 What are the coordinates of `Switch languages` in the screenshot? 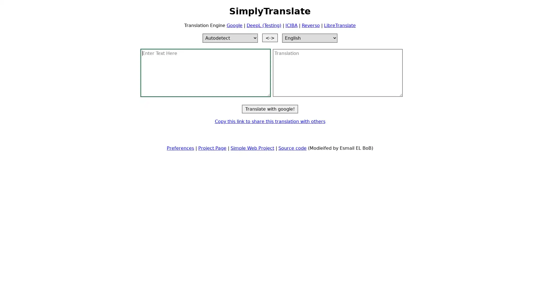 It's located at (270, 37).